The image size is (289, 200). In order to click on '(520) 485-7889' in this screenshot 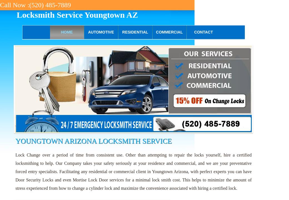, I will do `click(220, 15)`.